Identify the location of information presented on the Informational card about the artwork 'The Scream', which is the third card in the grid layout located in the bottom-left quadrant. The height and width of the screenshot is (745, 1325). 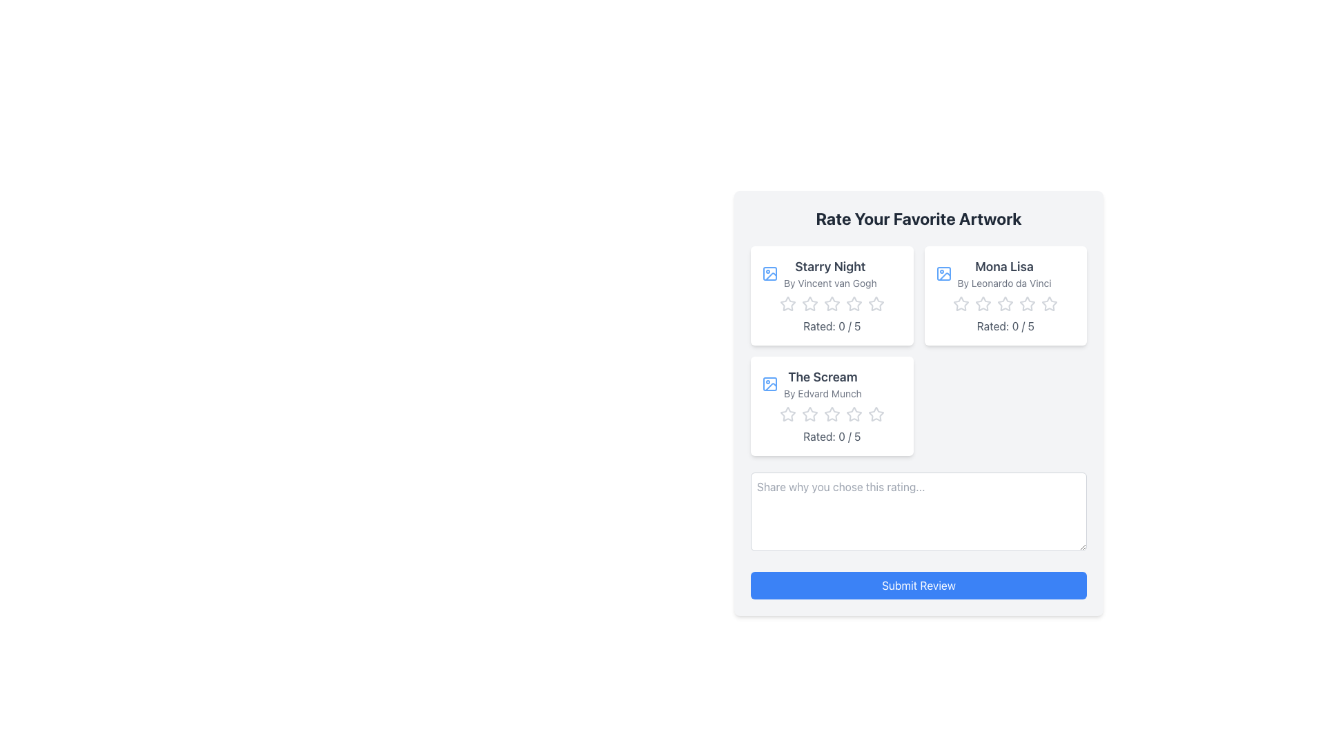
(831, 406).